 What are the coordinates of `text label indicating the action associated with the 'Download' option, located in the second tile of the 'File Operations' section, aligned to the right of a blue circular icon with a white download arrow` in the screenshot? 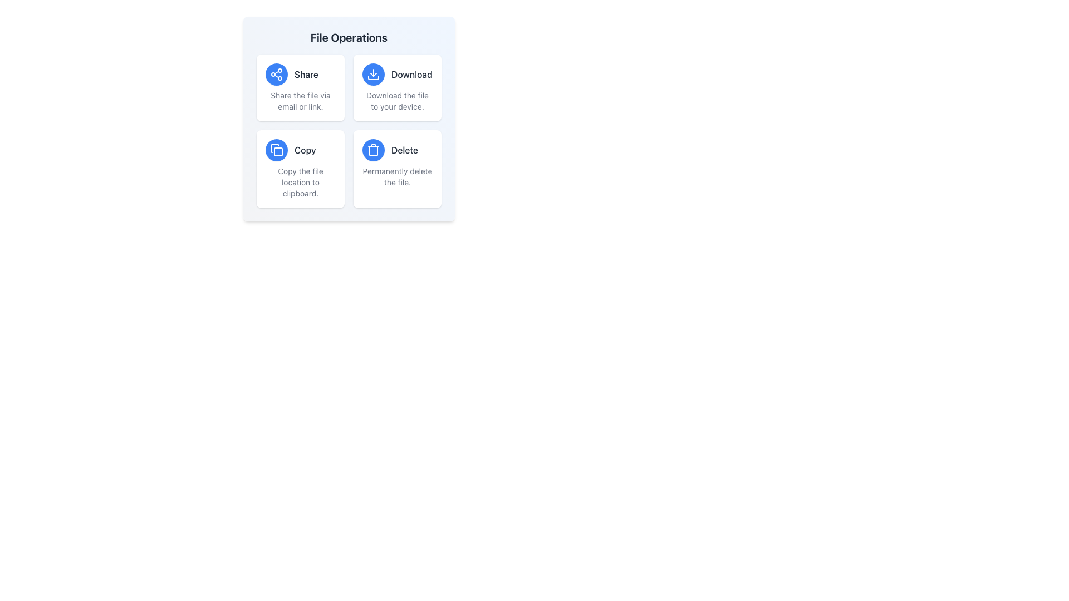 It's located at (411, 75).